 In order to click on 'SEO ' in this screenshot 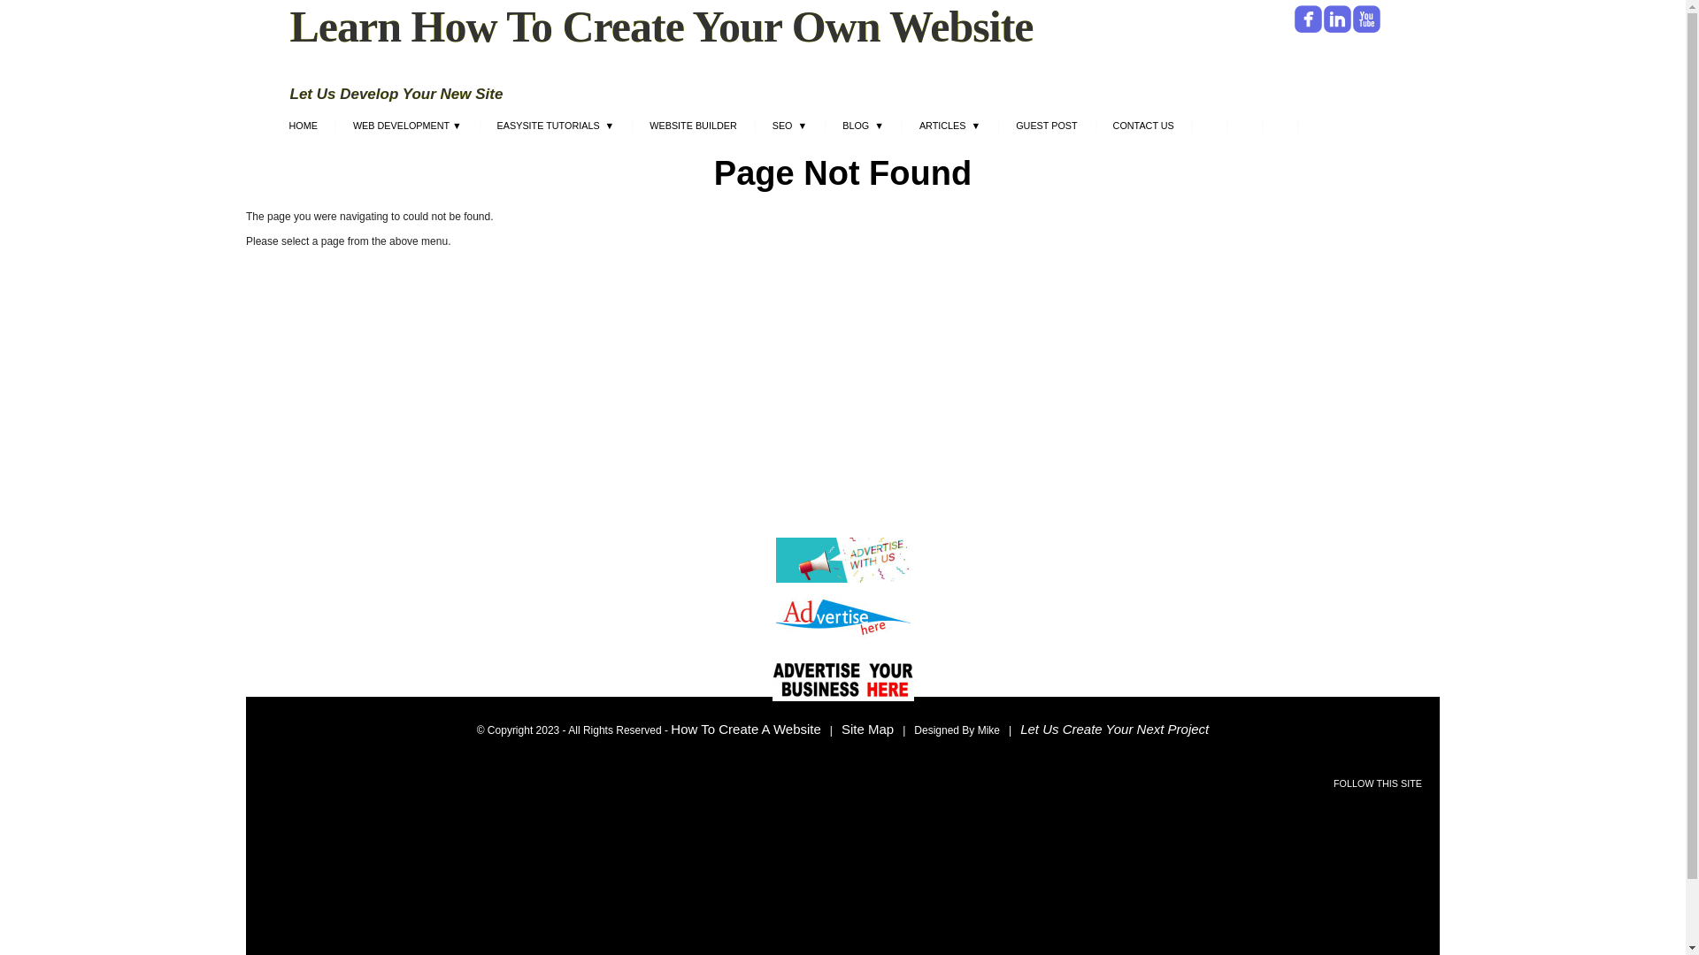, I will do `click(788, 127)`.